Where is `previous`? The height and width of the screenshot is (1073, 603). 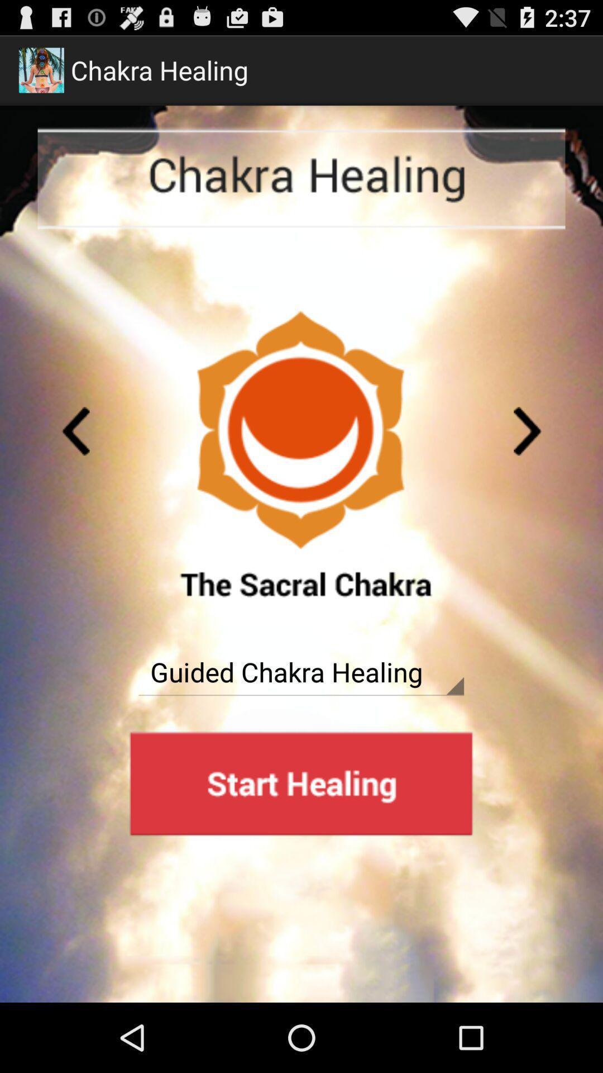
previous is located at coordinates (75, 430).